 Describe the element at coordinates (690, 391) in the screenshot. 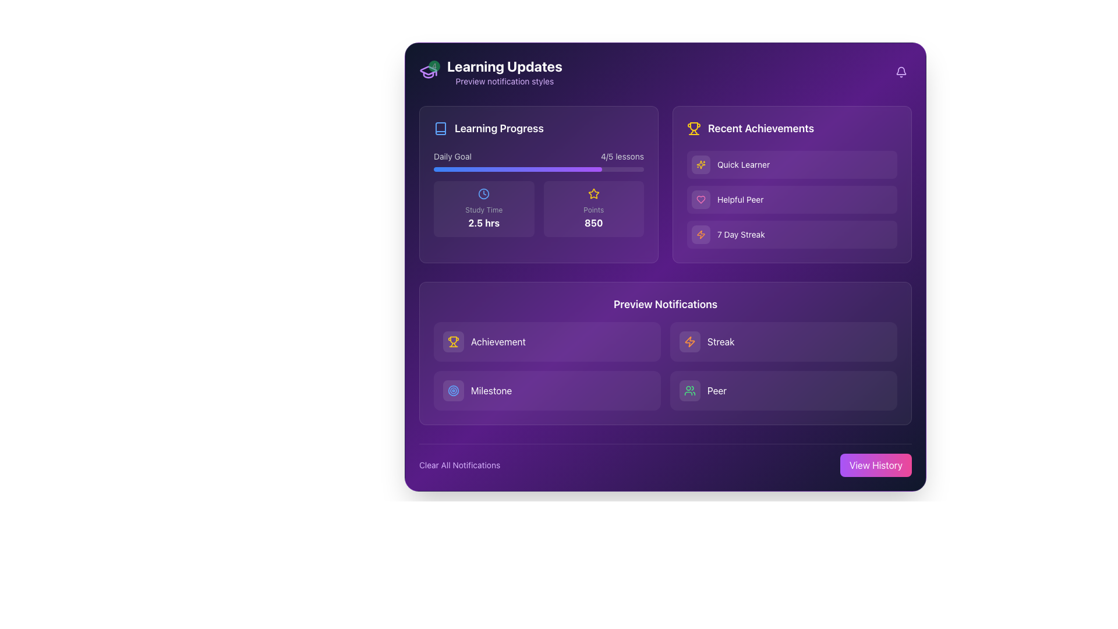

I see `the 'Peer' notification icon button located in the lower-right section of the 'Preview Notifications' component` at that location.